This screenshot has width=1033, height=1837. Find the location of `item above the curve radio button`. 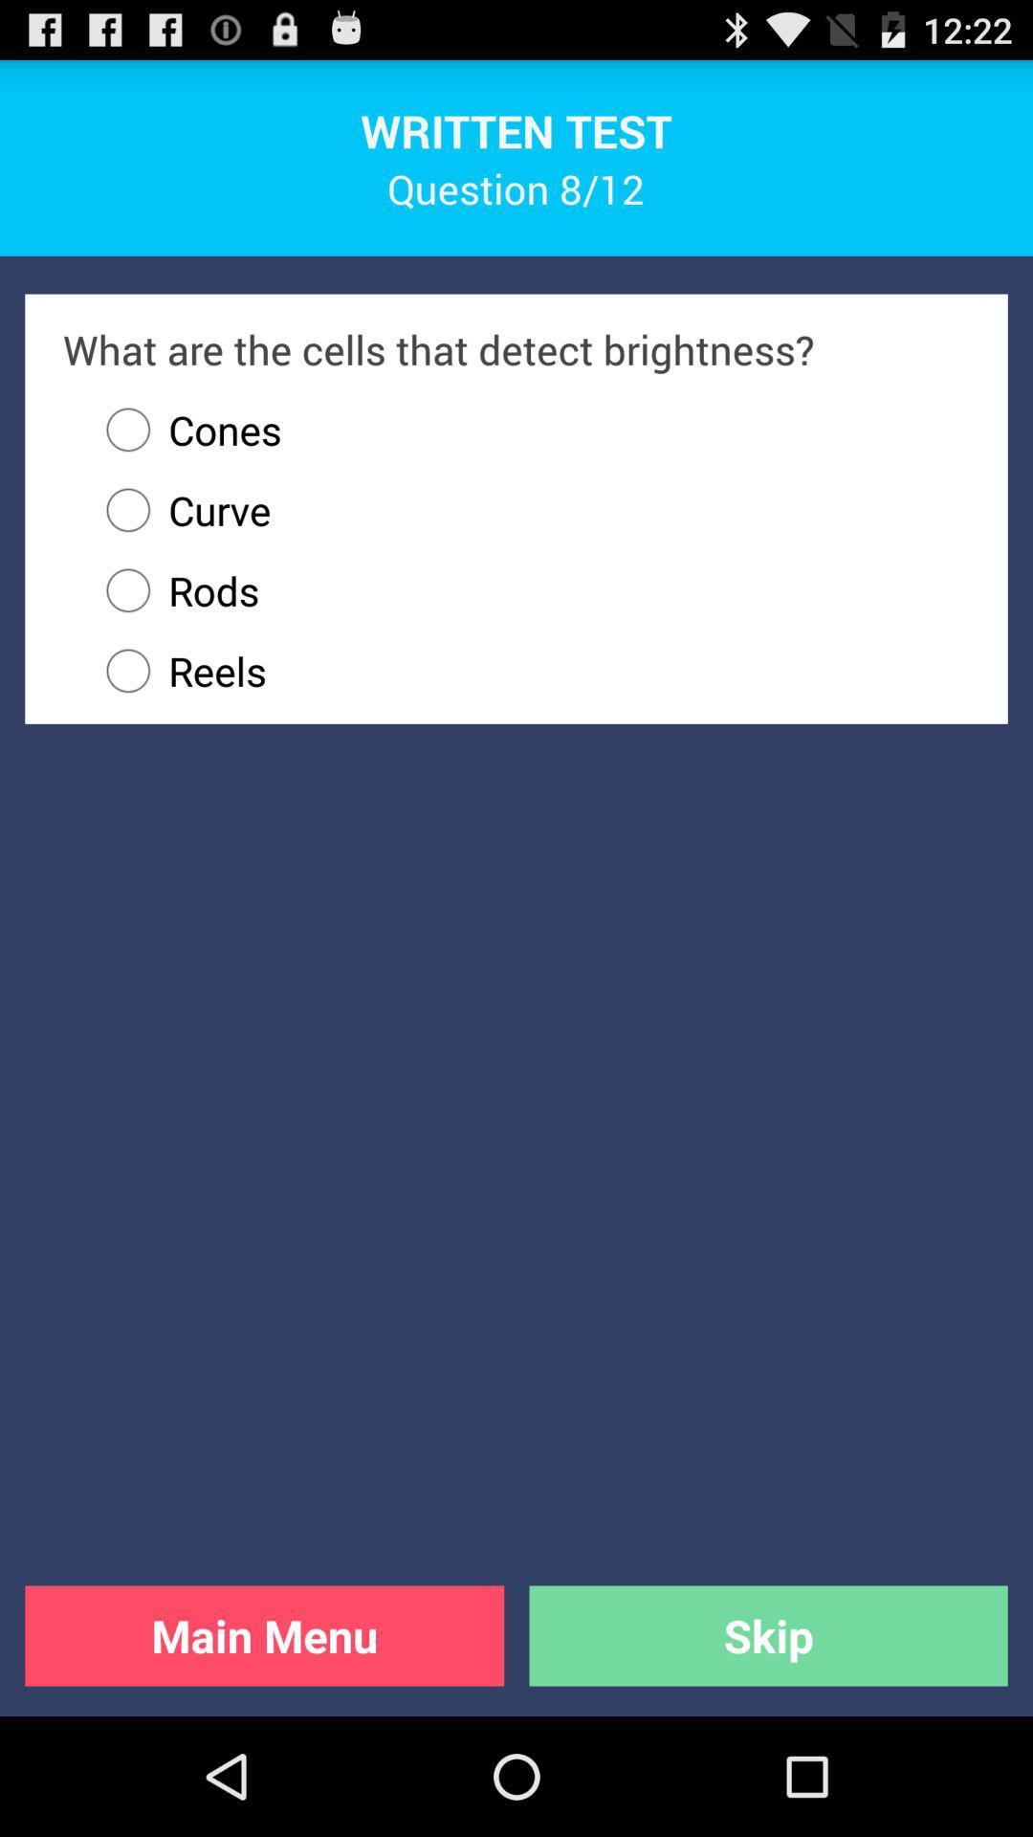

item above the curve radio button is located at coordinates (185, 429).